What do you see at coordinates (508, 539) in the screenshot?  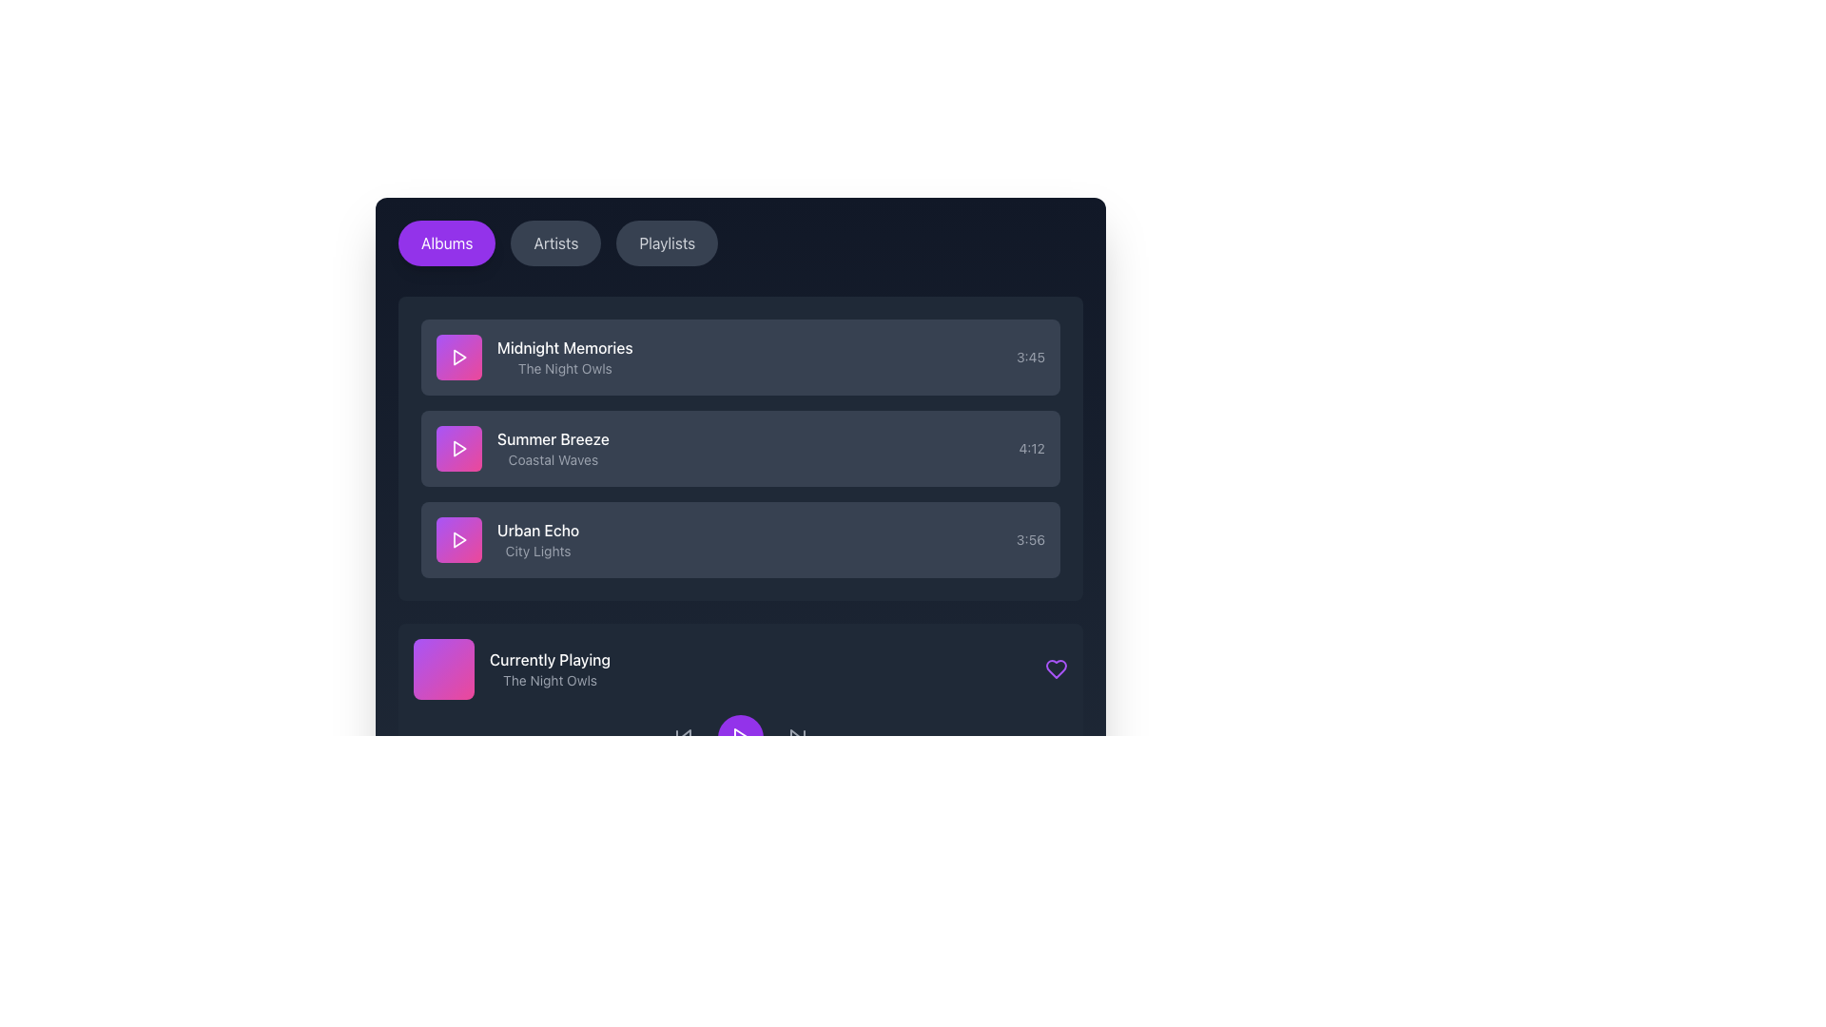 I see `the list item displaying information about the track 'Urban Echo - City Lights'` at bounding box center [508, 539].